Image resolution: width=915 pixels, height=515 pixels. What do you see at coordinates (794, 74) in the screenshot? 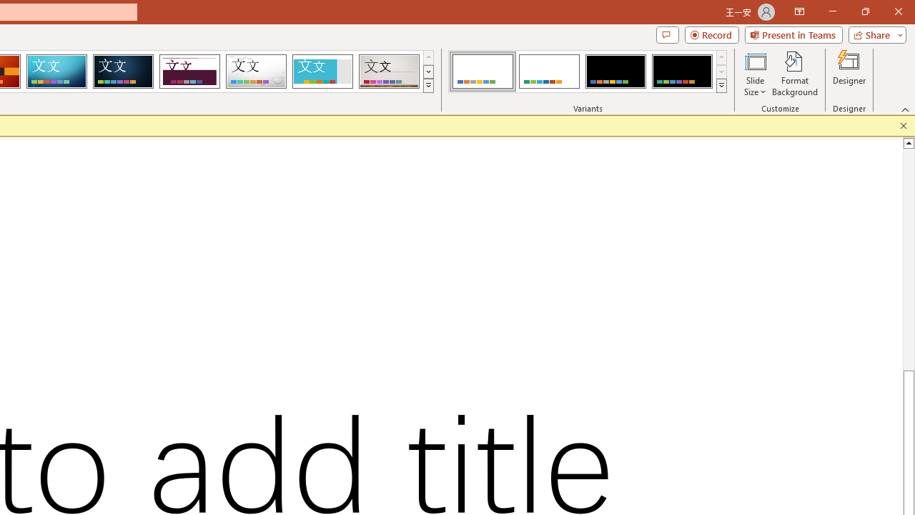
I see `'Format Background'` at bounding box center [794, 74].